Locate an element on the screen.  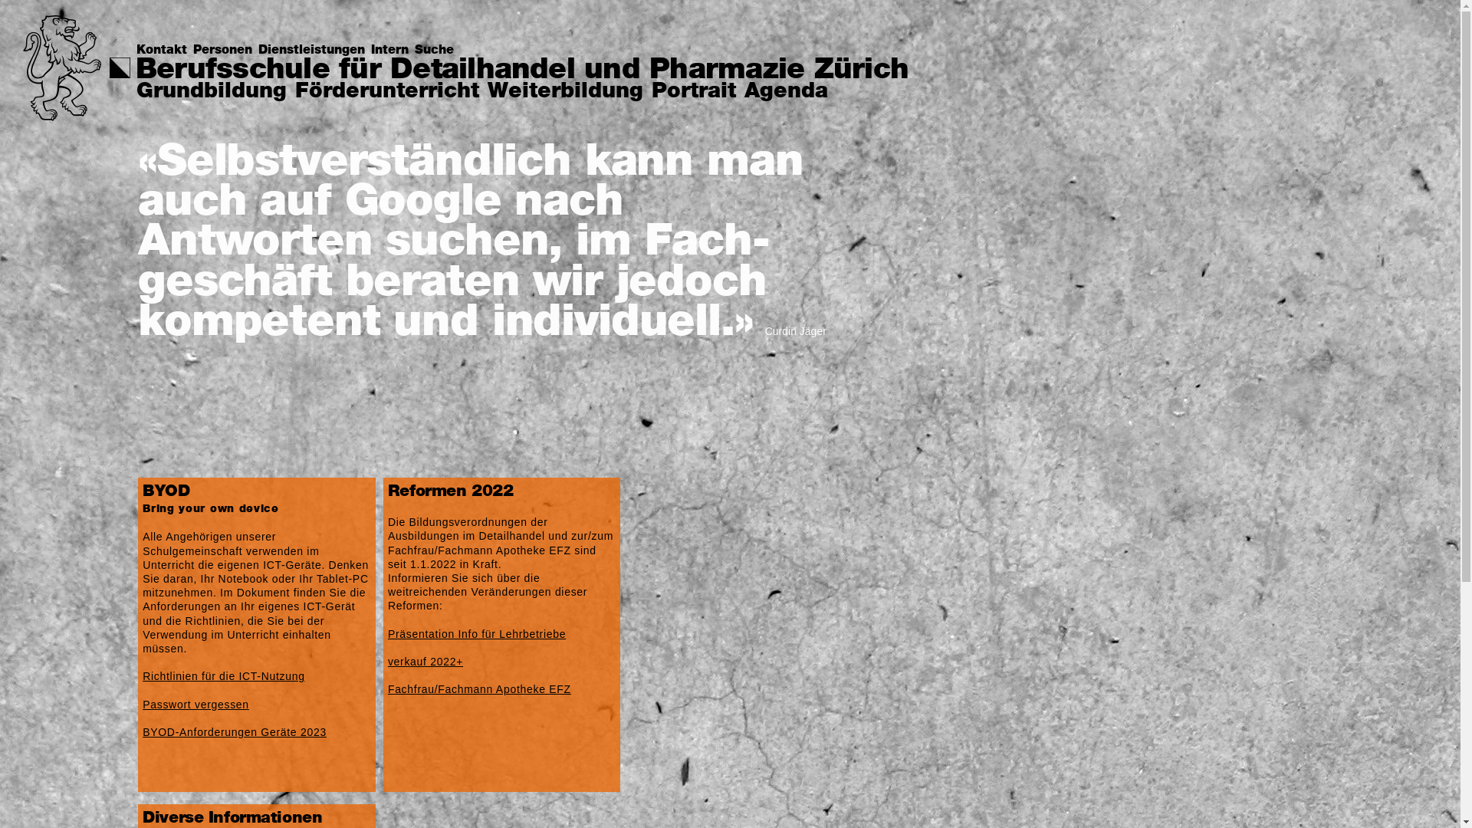
'verkauf 2022+' is located at coordinates (426, 661).